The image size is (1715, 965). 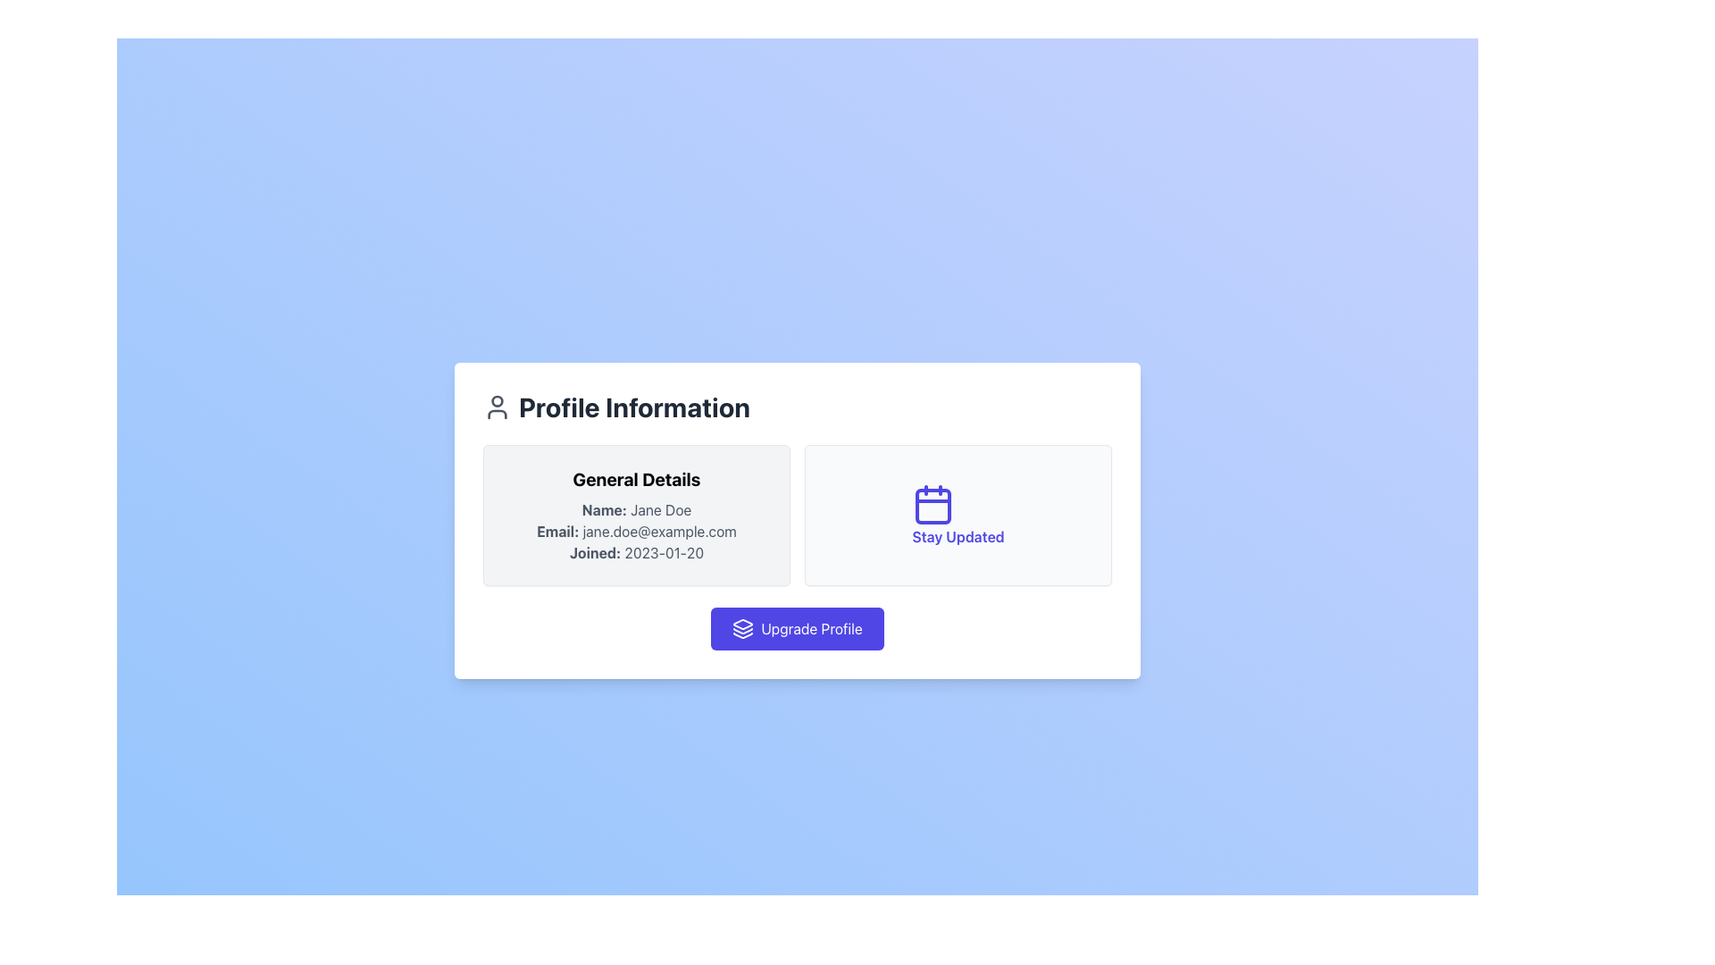 What do you see at coordinates (796, 628) in the screenshot?
I see `the 'Upgrade Profile' button located at the bottom of the 'Profile Information' card for keyboard navigation` at bounding box center [796, 628].